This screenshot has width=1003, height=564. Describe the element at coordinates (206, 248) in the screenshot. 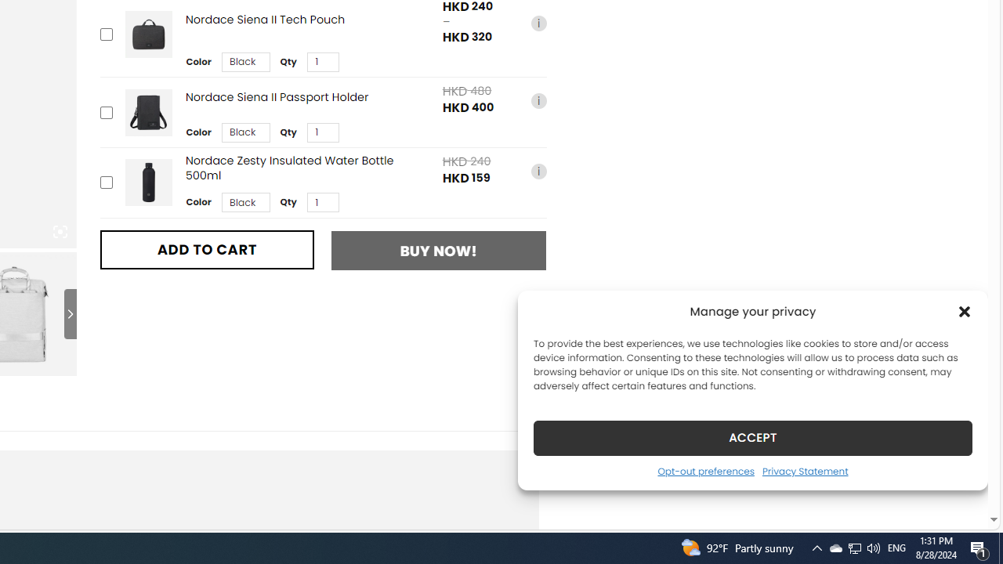

I see `'ADD TO CART'` at that location.